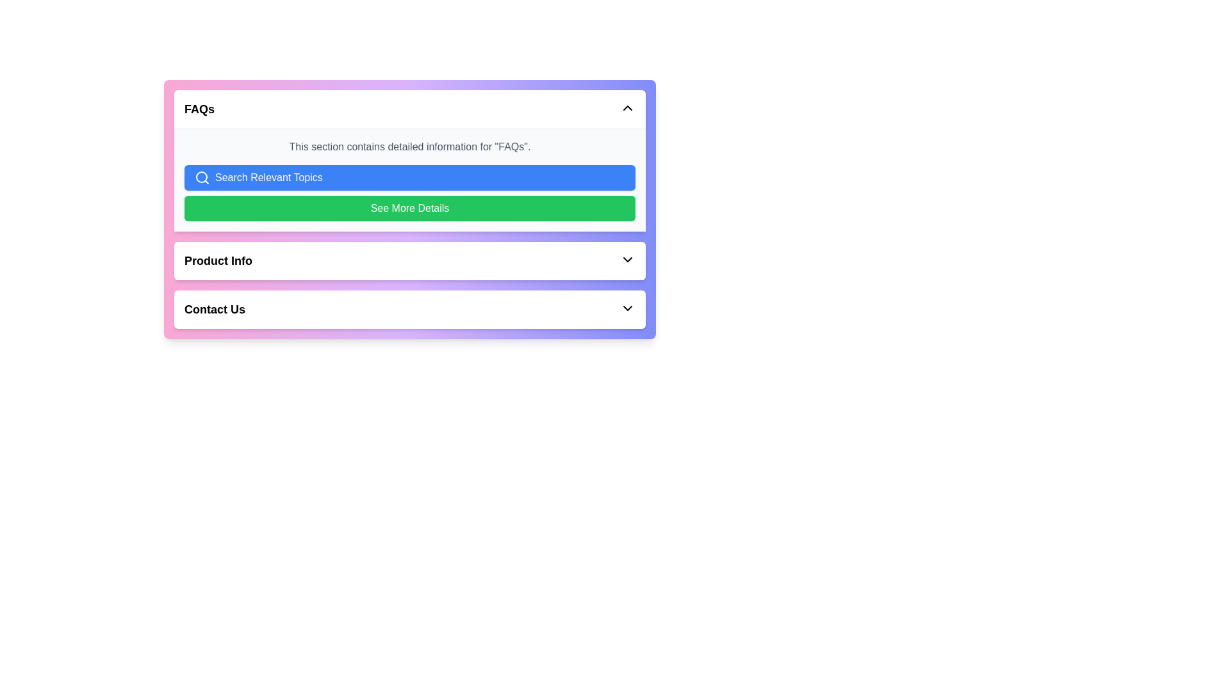  What do you see at coordinates (201, 177) in the screenshot?
I see `the small circular magnifying lens icon located to the left of the text 'Search Relevant Topics' within the blue rectangle button in the 'FAQs' section` at bounding box center [201, 177].